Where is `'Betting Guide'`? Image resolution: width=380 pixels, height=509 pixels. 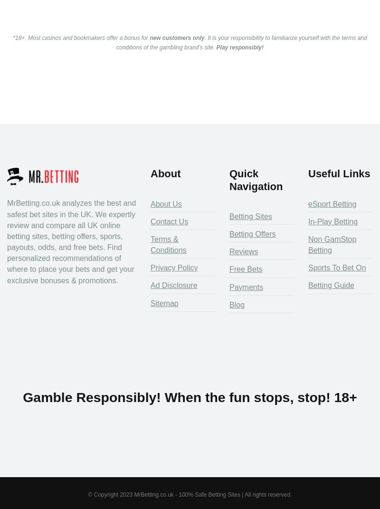 'Betting Guide' is located at coordinates (331, 285).